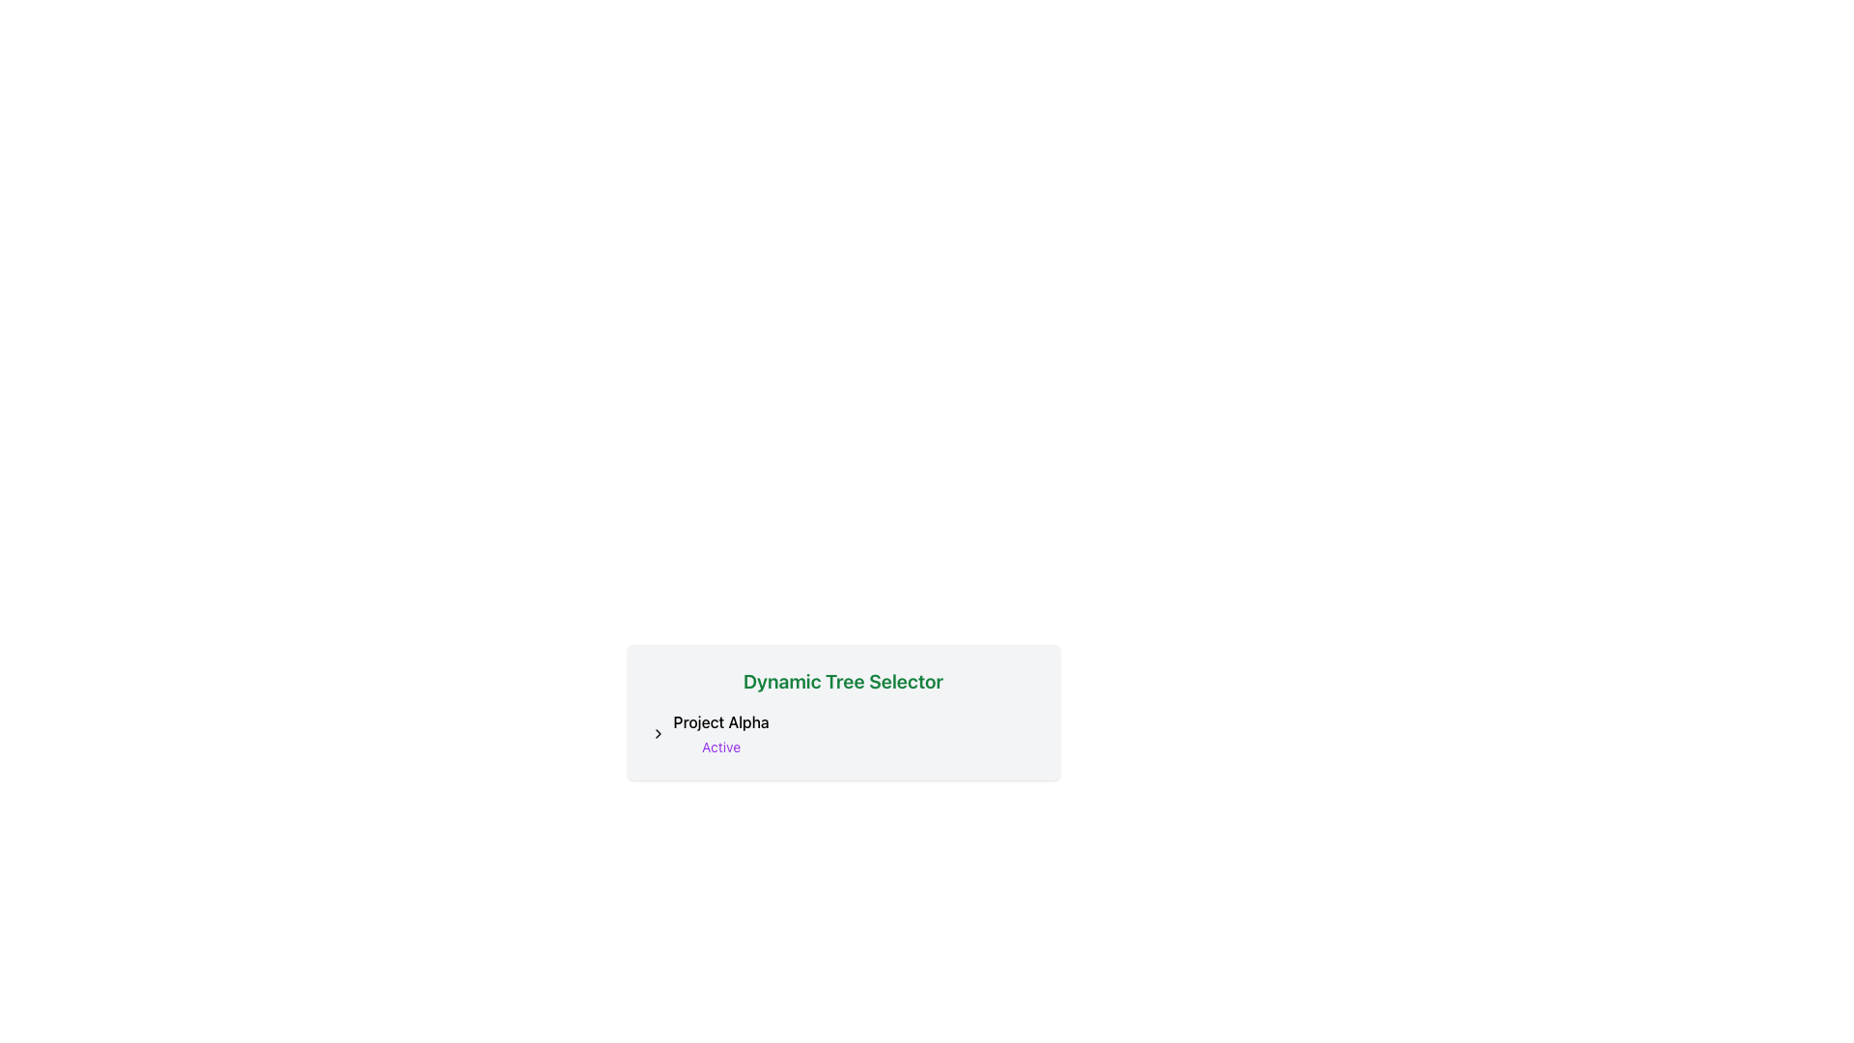 Image resolution: width=1854 pixels, height=1043 pixels. What do you see at coordinates (658, 733) in the screenshot?
I see `the small chevron-shaped icon pointing to the right, located to the left of the text 'Project Alpha' with status 'Active'` at bounding box center [658, 733].